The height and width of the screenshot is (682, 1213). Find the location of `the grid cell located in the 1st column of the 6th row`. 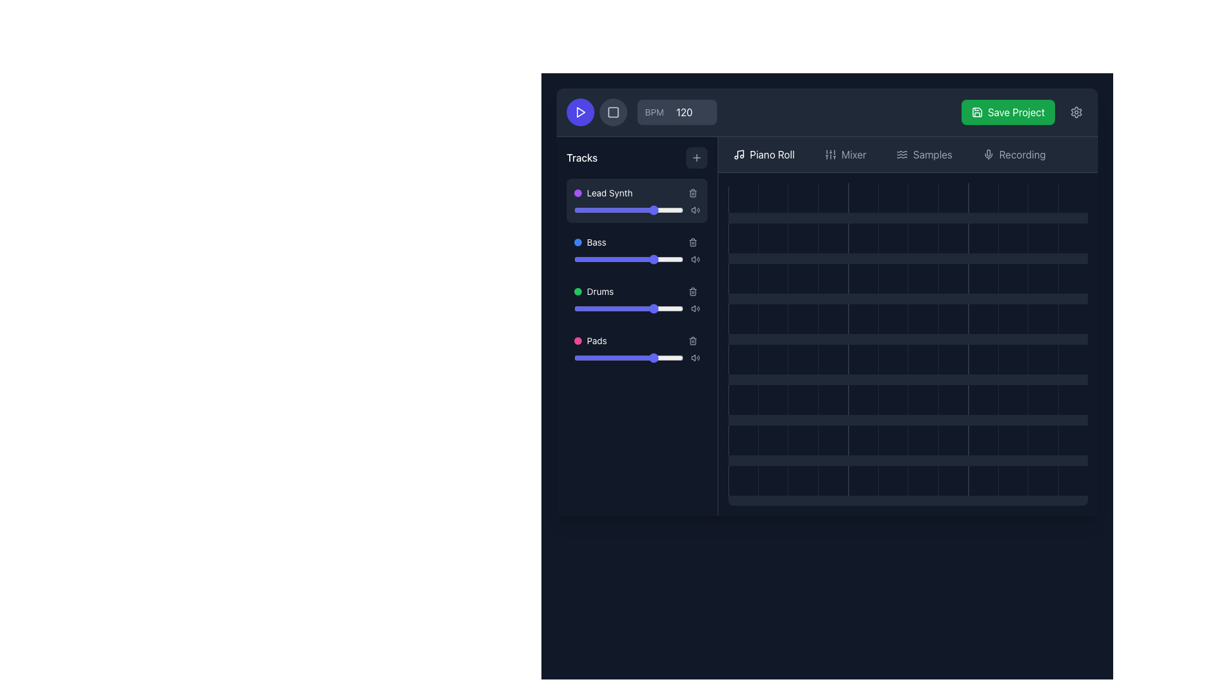

the grid cell located in the 1st column of the 6th row is located at coordinates (743, 400).